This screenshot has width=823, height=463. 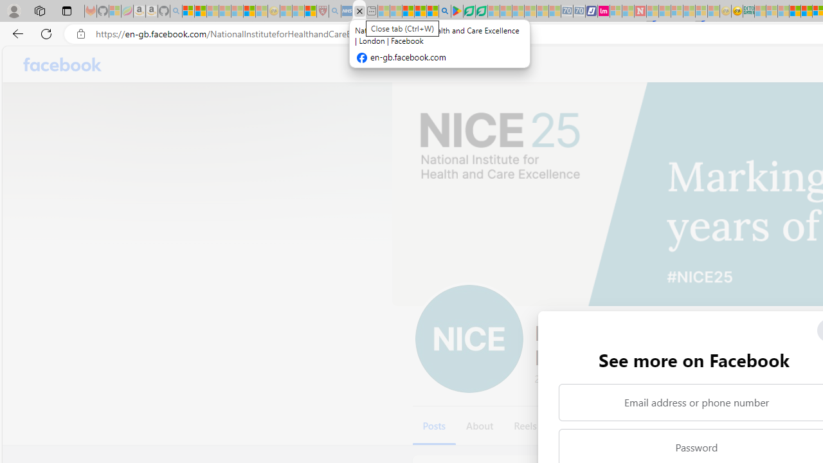 I want to click on 'Expert Portfolios', so click(x=794, y=11).